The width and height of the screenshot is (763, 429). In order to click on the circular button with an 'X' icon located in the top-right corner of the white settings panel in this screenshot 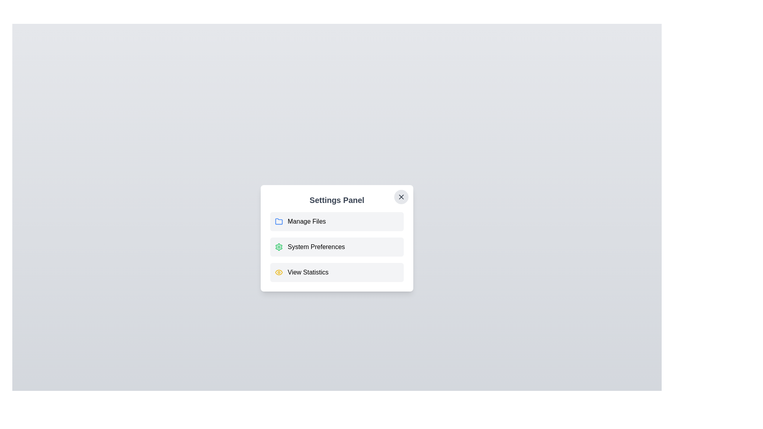, I will do `click(401, 197)`.